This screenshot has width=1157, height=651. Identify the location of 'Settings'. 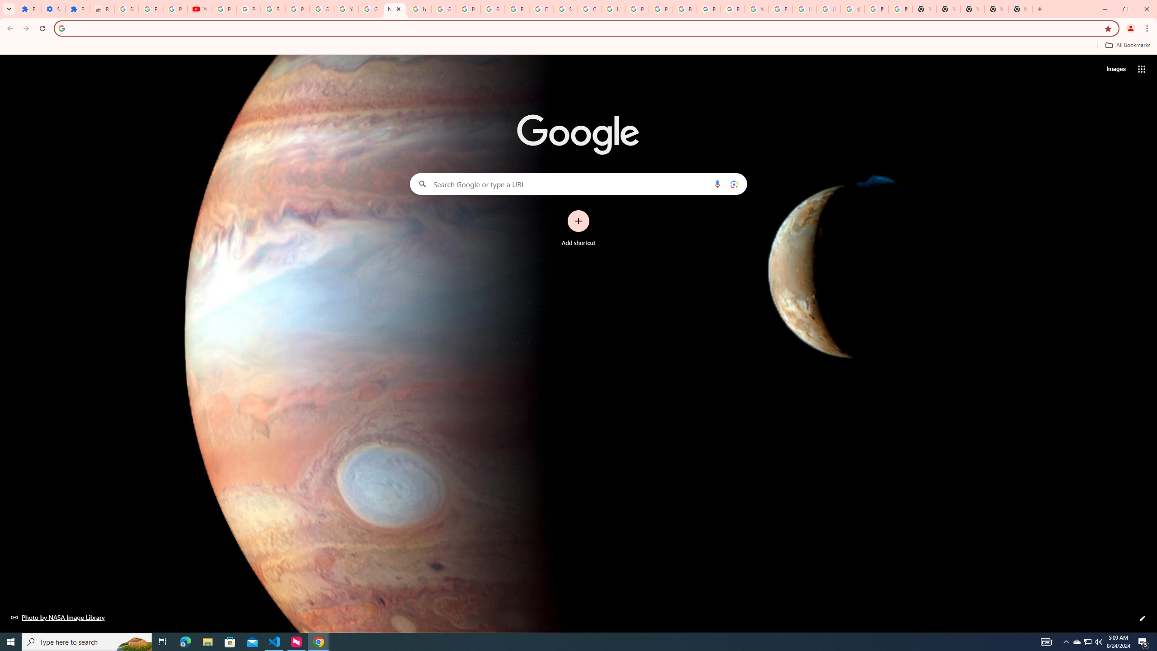
(53, 9).